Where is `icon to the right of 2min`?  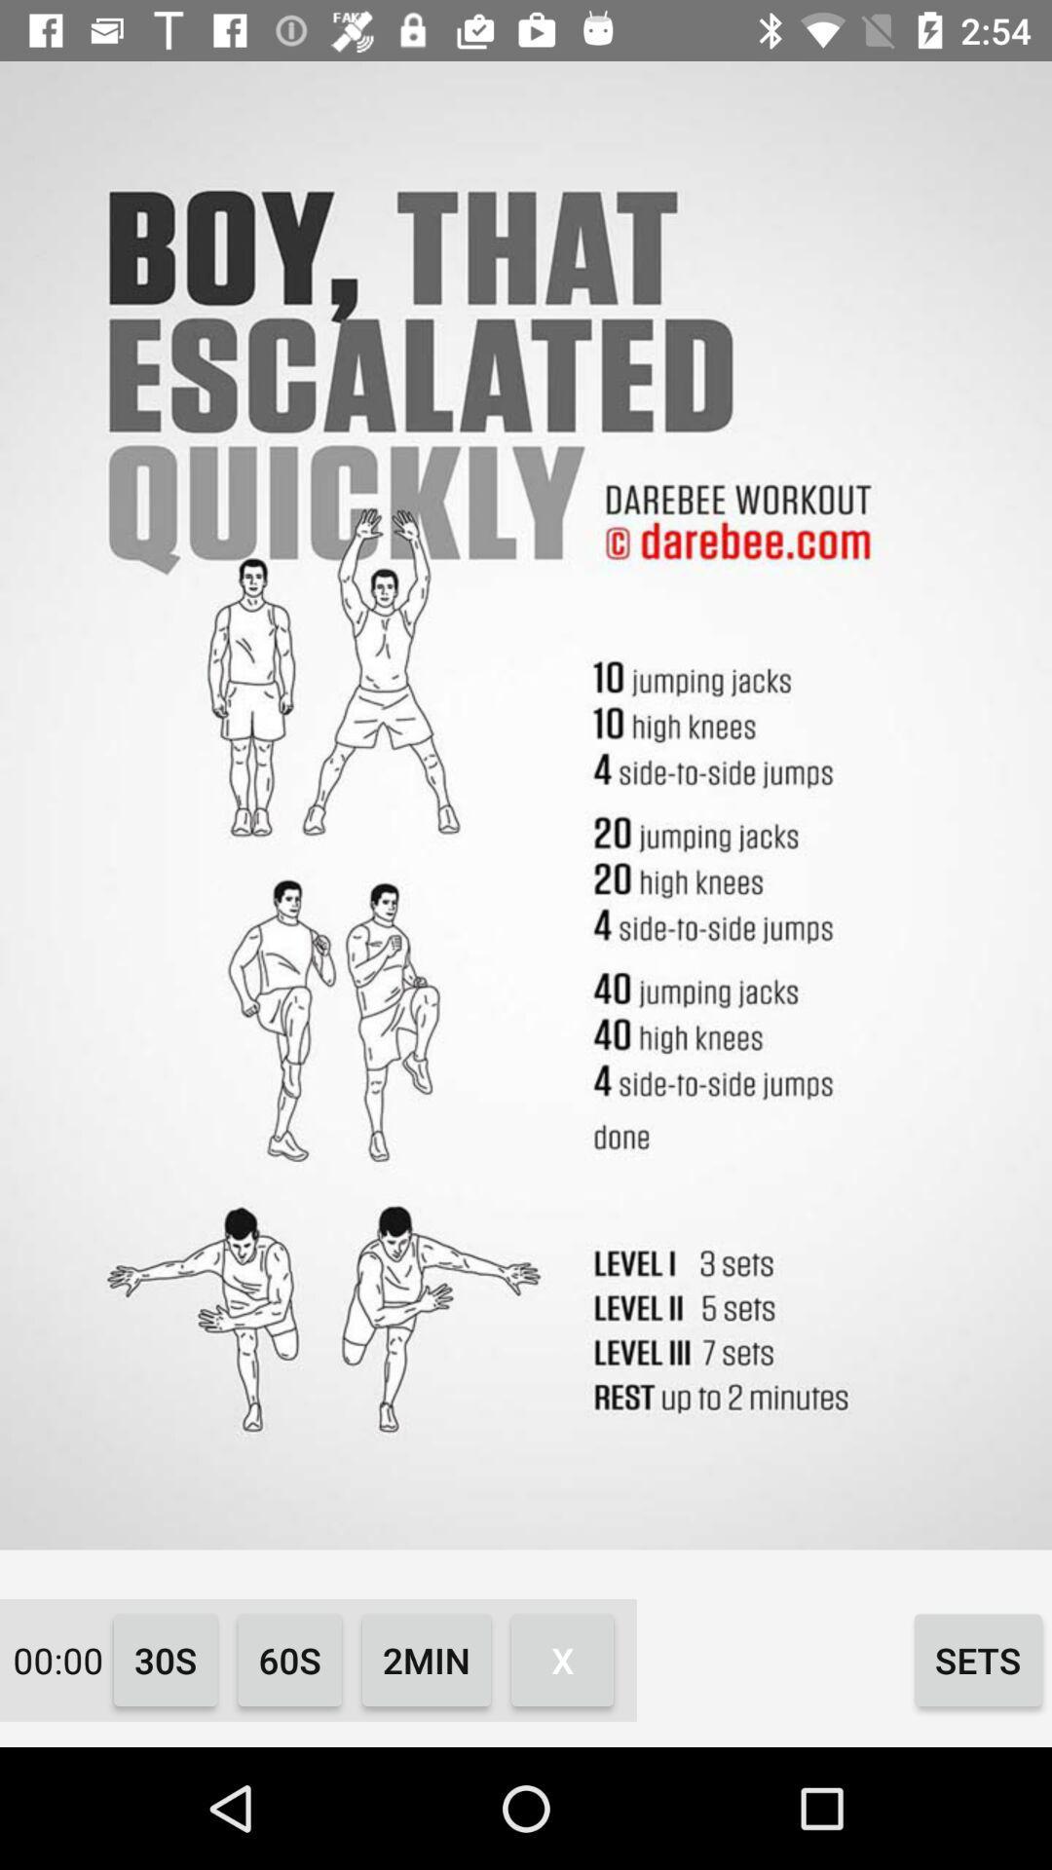
icon to the right of 2min is located at coordinates (562, 1659).